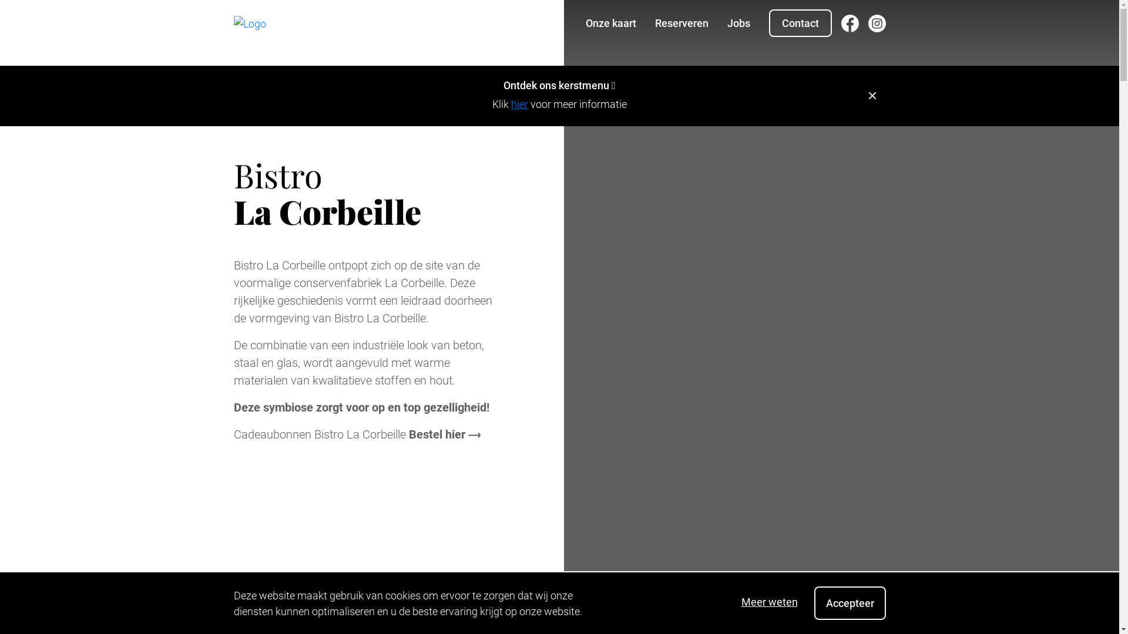 Image resolution: width=1128 pixels, height=634 pixels. Describe the element at coordinates (738, 23) in the screenshot. I see `'Jobs'` at that location.